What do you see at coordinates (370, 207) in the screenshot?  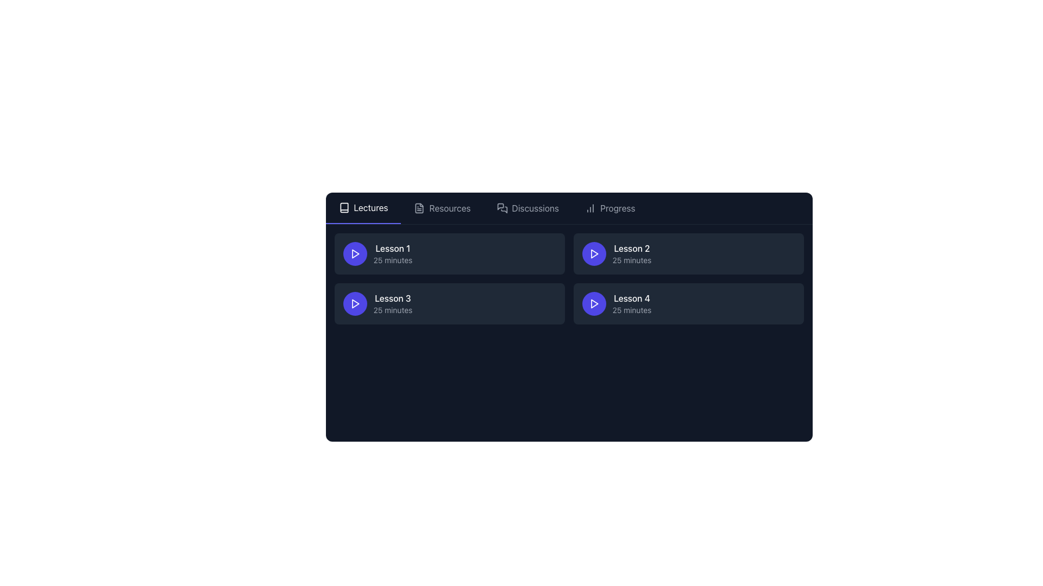 I see `the 'Lectures' navigation tab label at the top-left of the interface` at bounding box center [370, 207].